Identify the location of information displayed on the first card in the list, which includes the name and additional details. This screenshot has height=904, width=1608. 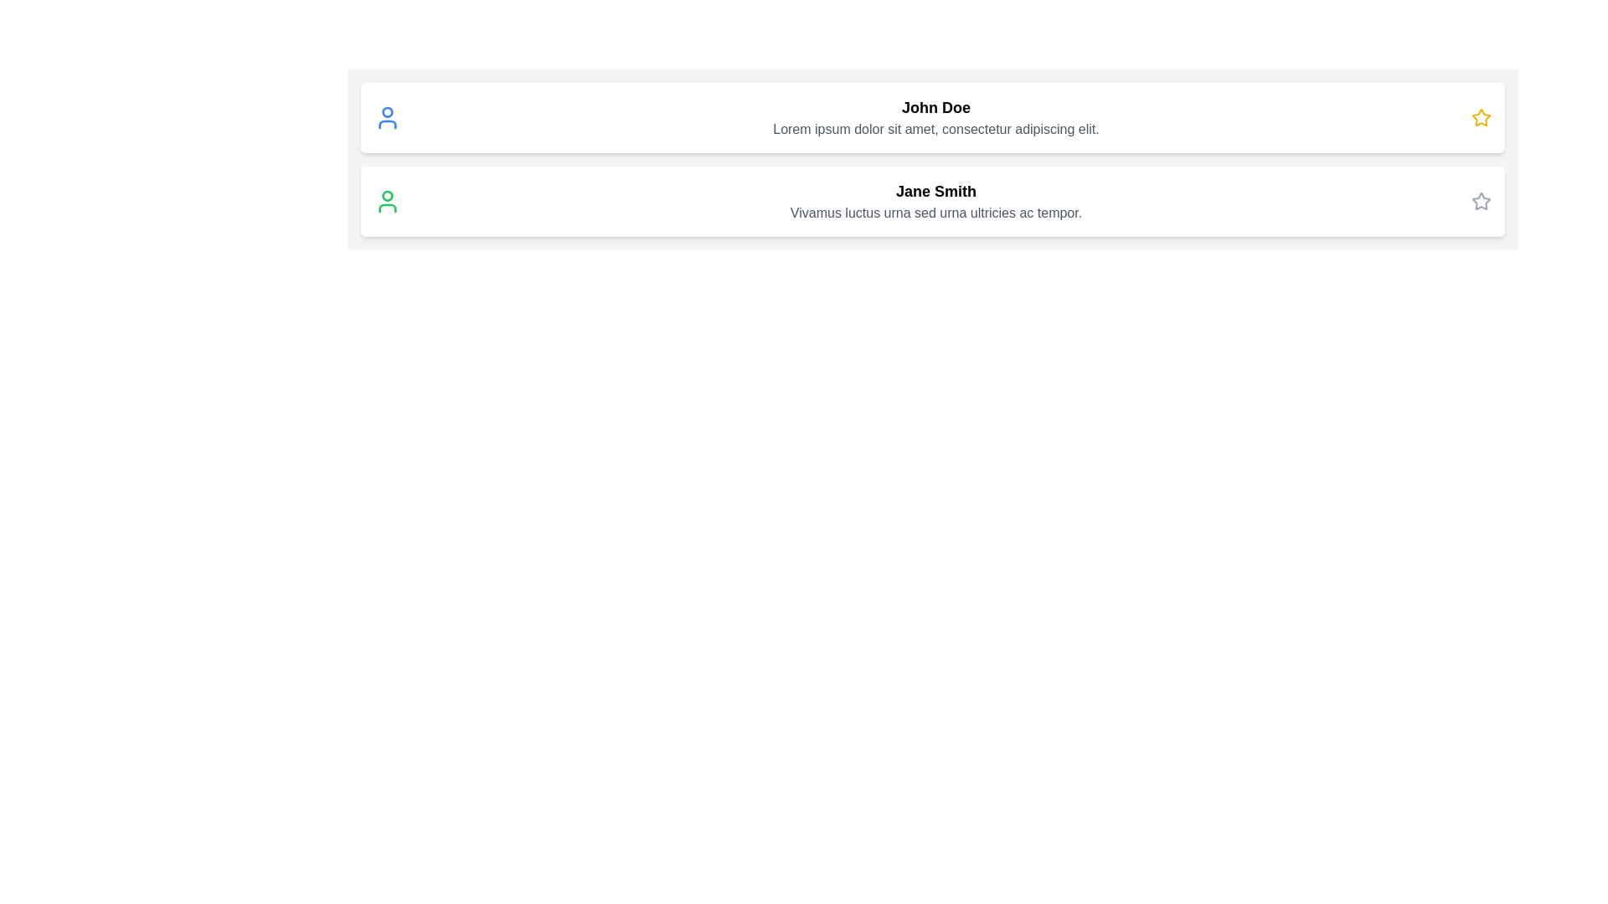
(931, 117).